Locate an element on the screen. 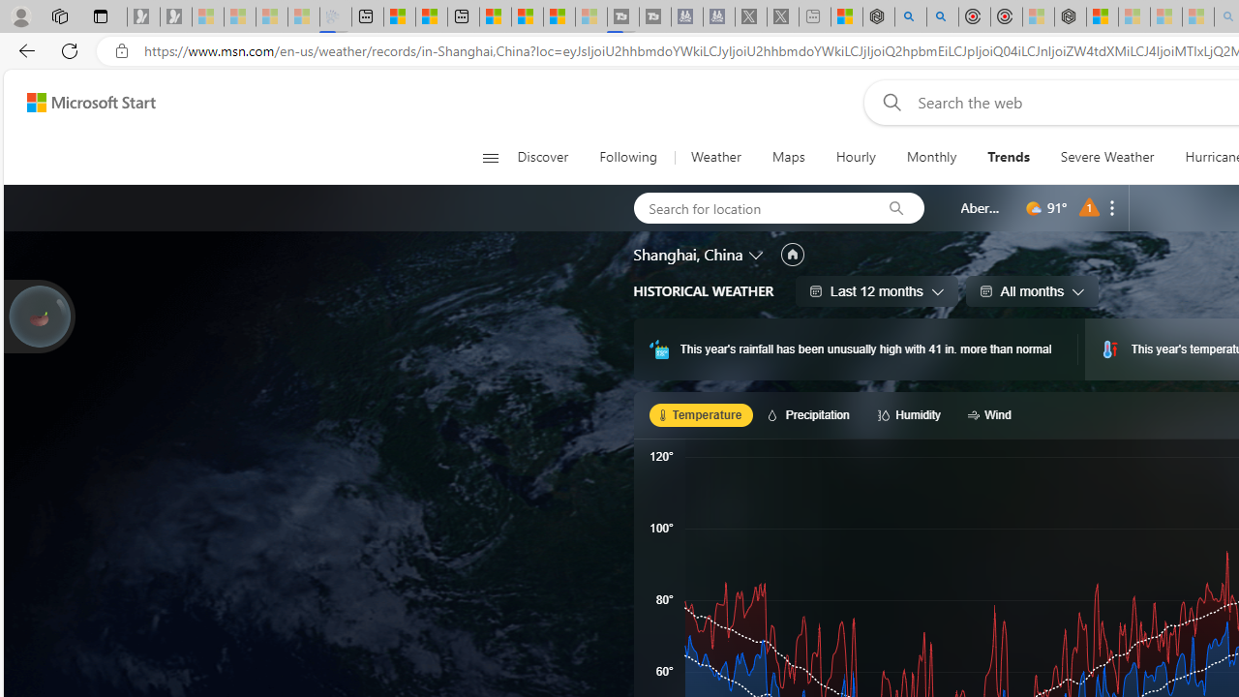 This screenshot has height=697, width=1239. 'Monthly' is located at coordinates (931, 157).